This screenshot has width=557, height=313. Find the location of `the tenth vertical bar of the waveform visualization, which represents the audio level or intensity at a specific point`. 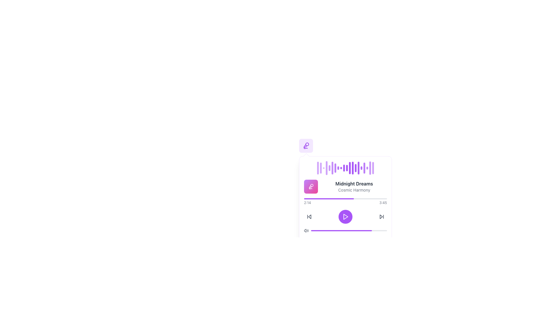

the tenth vertical bar of the waveform visualization, which represents the audio level or intensity at a specific point is located at coordinates (344, 168).